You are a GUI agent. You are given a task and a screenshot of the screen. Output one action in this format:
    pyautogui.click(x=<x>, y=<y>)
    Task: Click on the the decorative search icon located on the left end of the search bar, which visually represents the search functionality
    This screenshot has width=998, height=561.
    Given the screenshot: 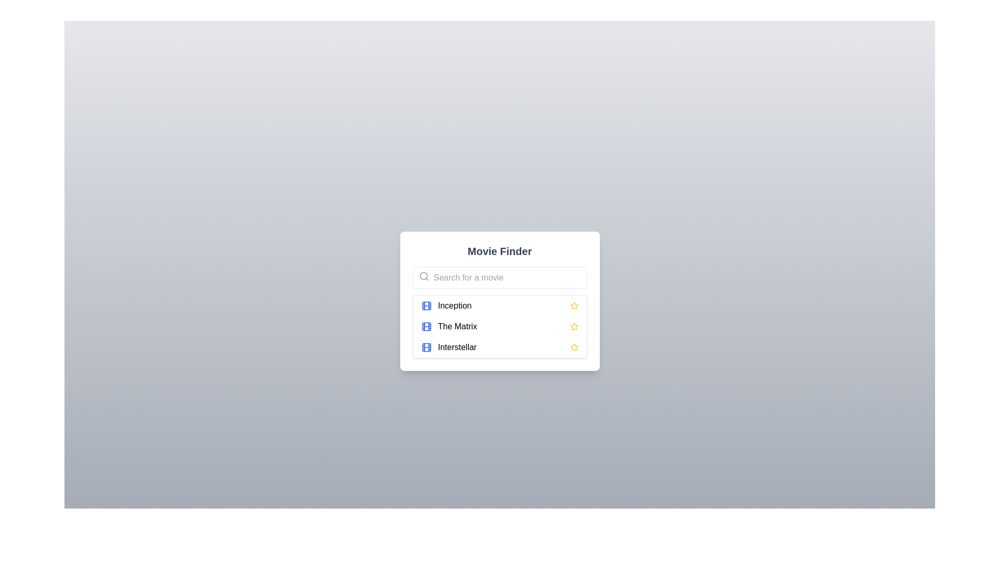 What is the action you would take?
    pyautogui.click(x=424, y=276)
    